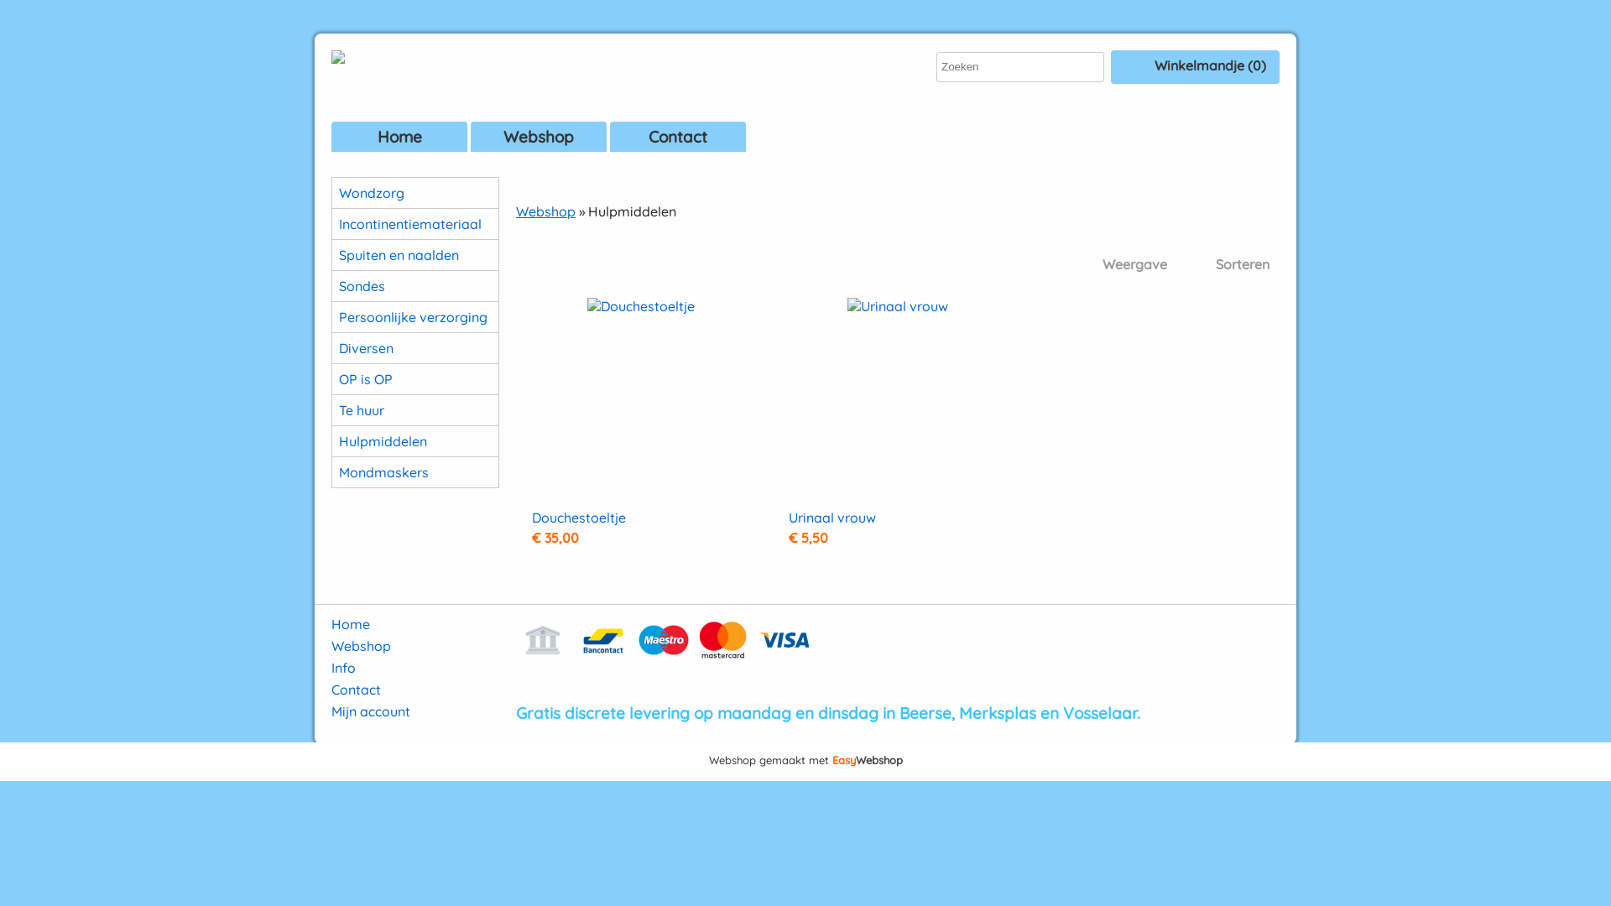 The width and height of the screenshot is (1611, 906). I want to click on 'Home', so click(349, 624).